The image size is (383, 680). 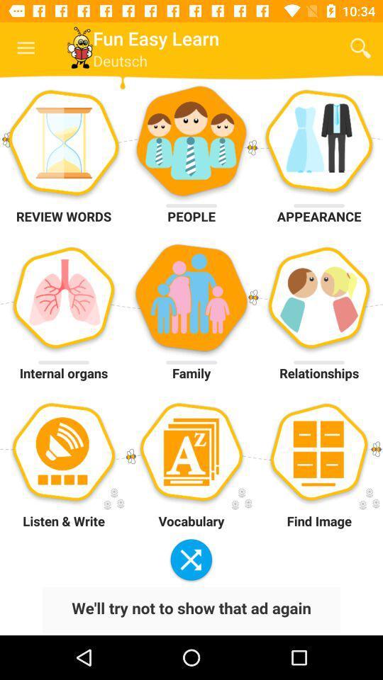 What do you see at coordinates (191, 560) in the screenshot?
I see `the close icon` at bounding box center [191, 560].